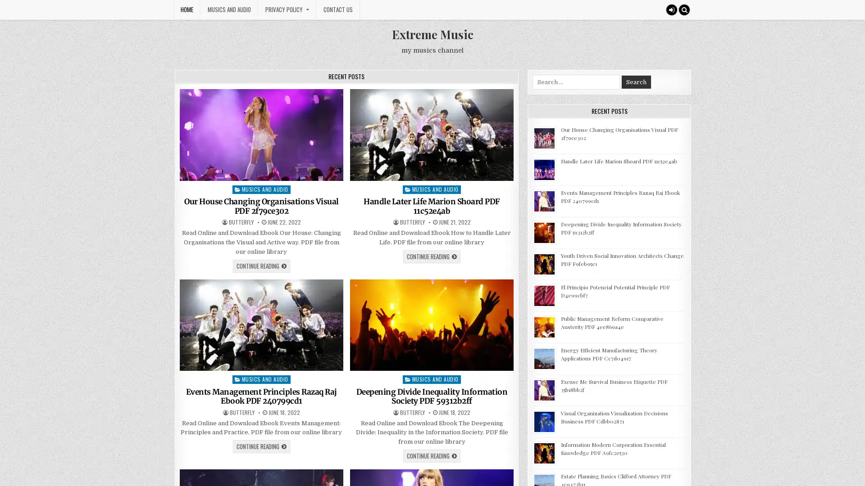 The width and height of the screenshot is (865, 486). I want to click on Search, so click(636, 82).